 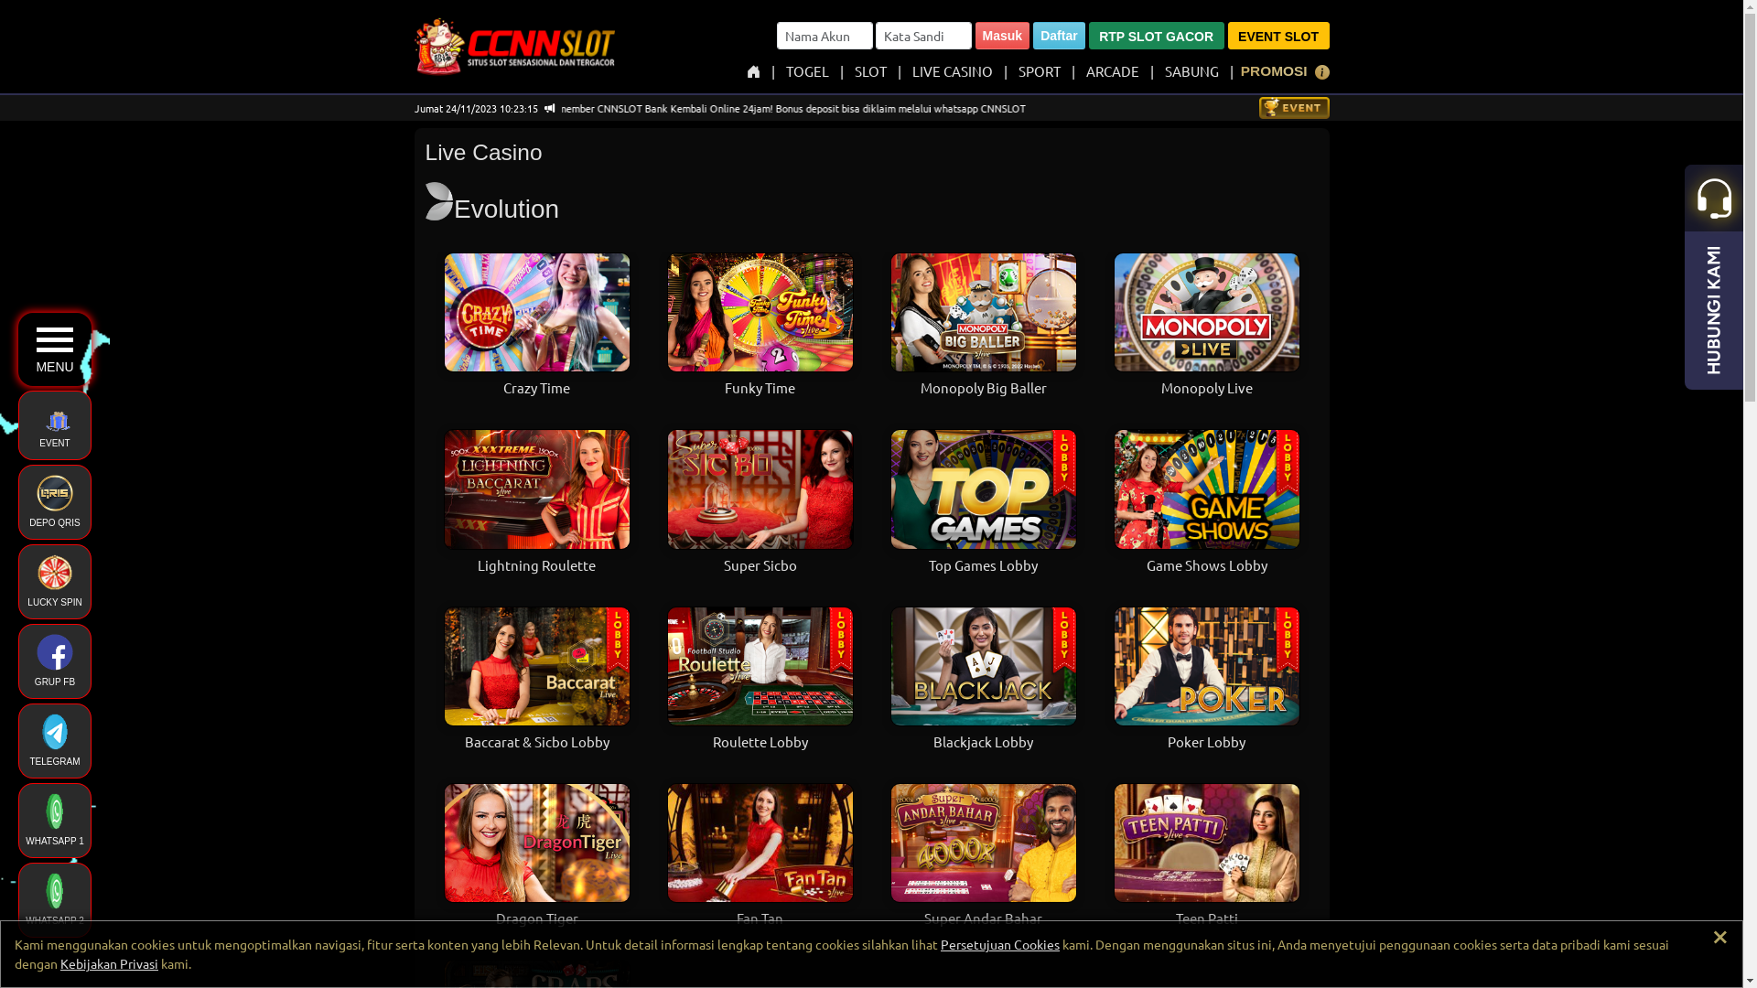 I want to click on 'EVENT SLOT', so click(x=1228, y=35).